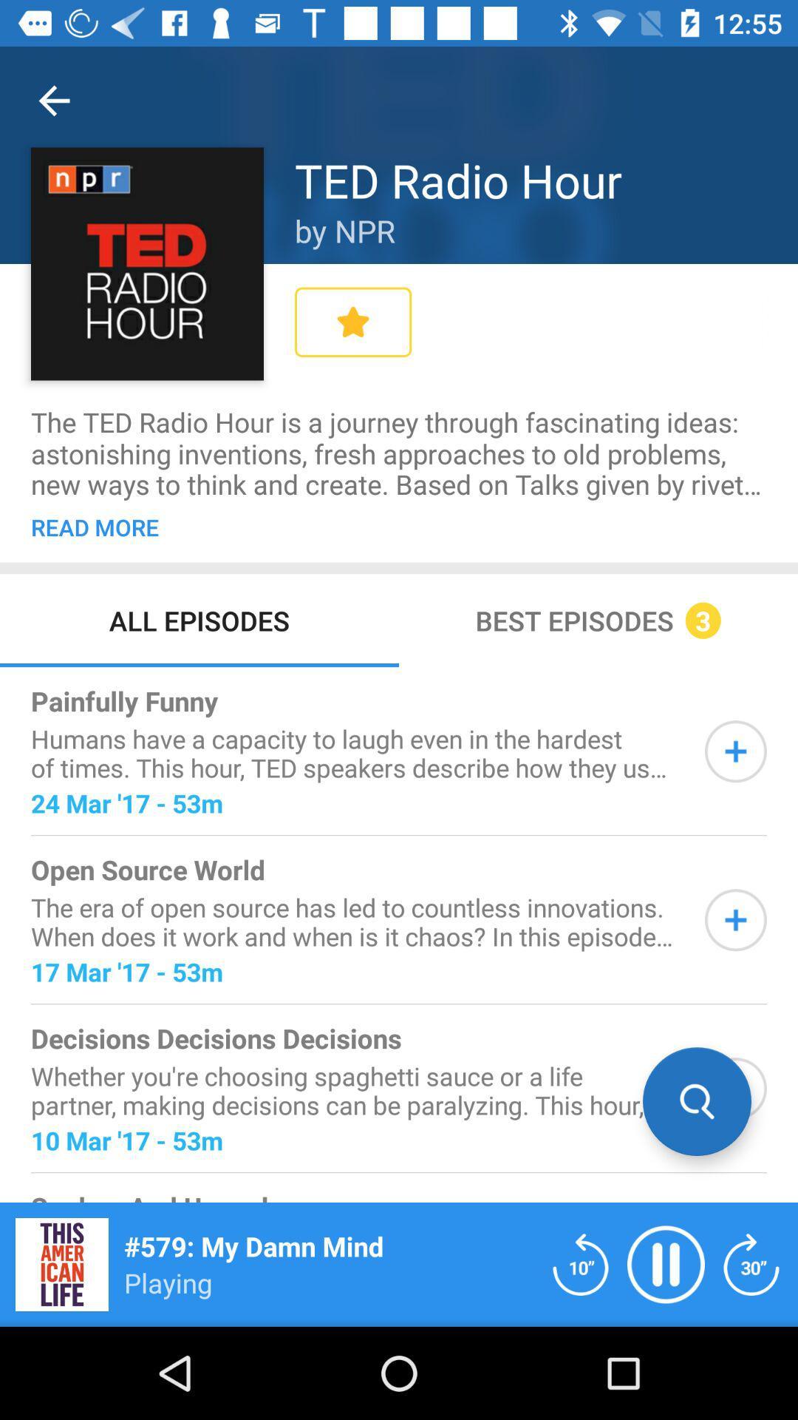 This screenshot has height=1420, width=798. Describe the element at coordinates (697, 1101) in the screenshot. I see `the search icon` at that location.